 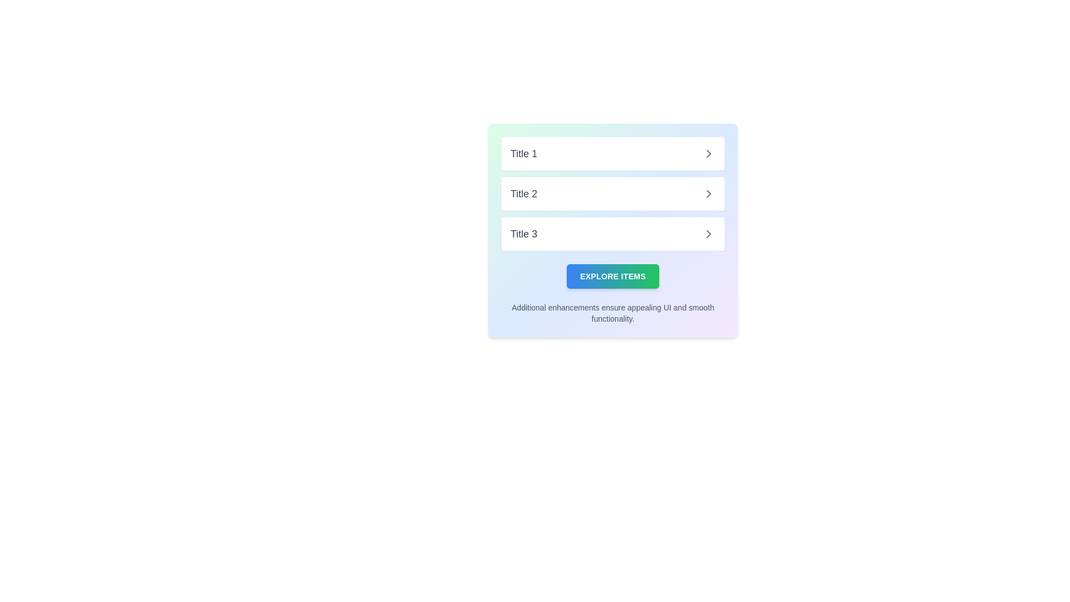 I want to click on the right-facing chevron arrow icon adjacent to the 'Title 2' item in the list of titles, so click(x=708, y=193).